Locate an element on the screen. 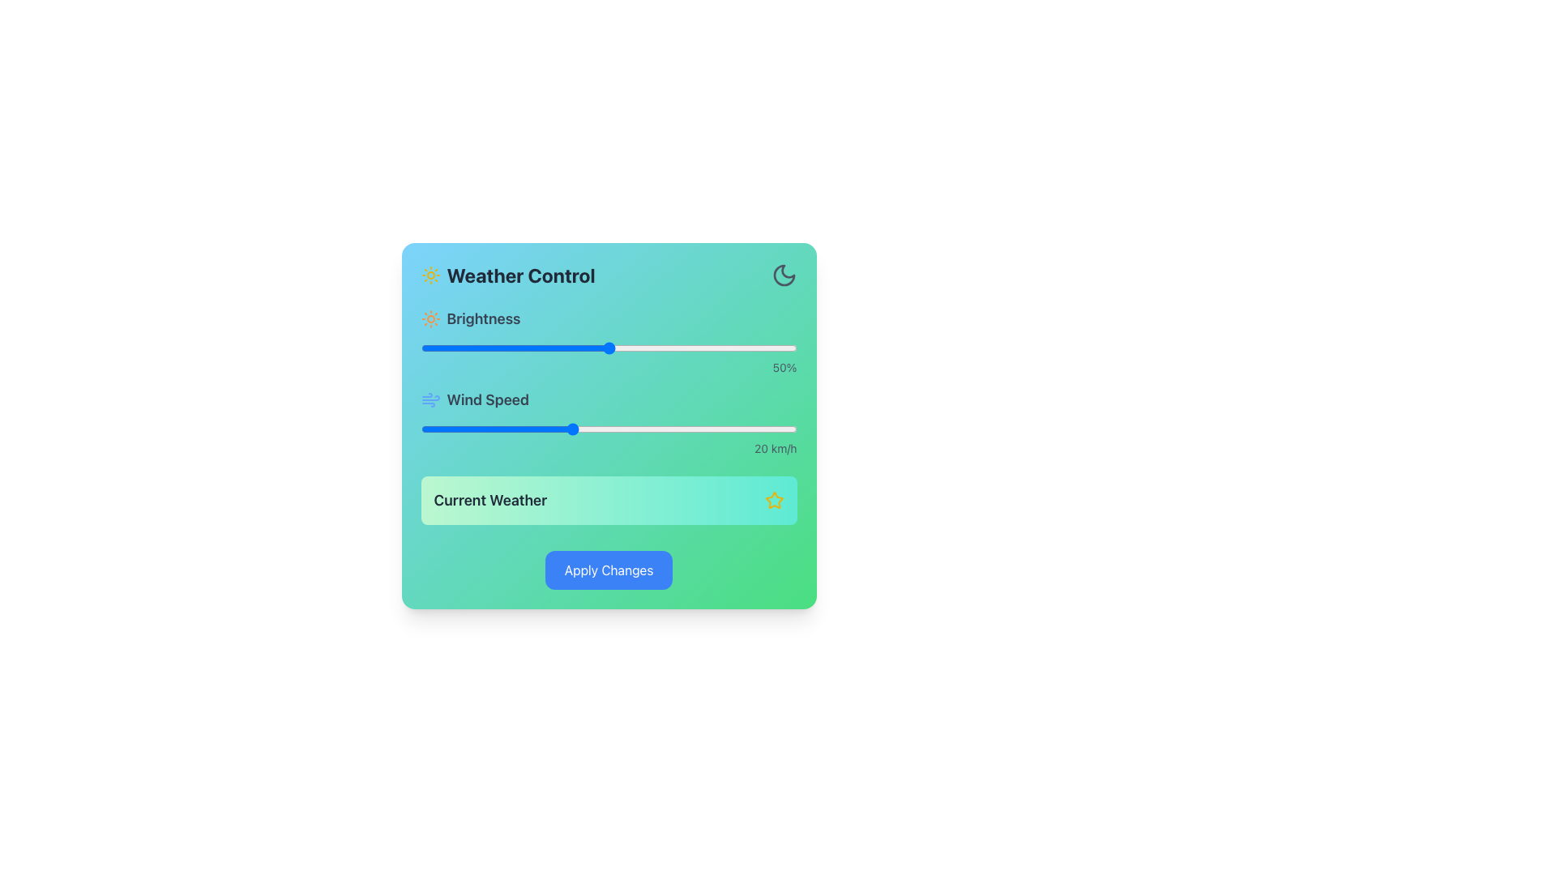  the bold text element displaying 'Weather Control', which is styled in dark gray and aligned horizontally next to a sun icon is located at coordinates (507, 274).